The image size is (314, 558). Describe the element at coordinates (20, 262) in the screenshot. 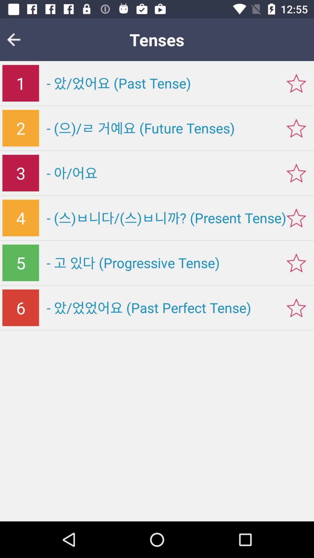

I see `the item above the 6 item` at that location.